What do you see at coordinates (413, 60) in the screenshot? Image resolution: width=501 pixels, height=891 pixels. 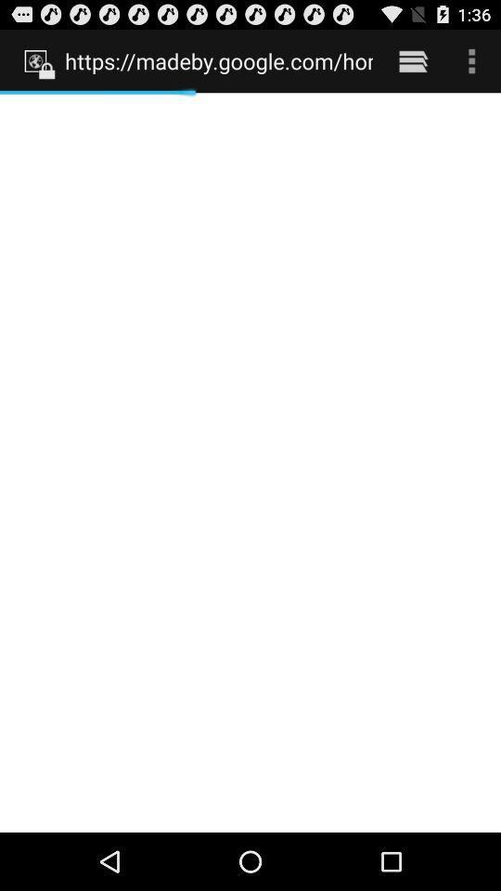 I see `the item next to https madeby google icon` at bounding box center [413, 60].